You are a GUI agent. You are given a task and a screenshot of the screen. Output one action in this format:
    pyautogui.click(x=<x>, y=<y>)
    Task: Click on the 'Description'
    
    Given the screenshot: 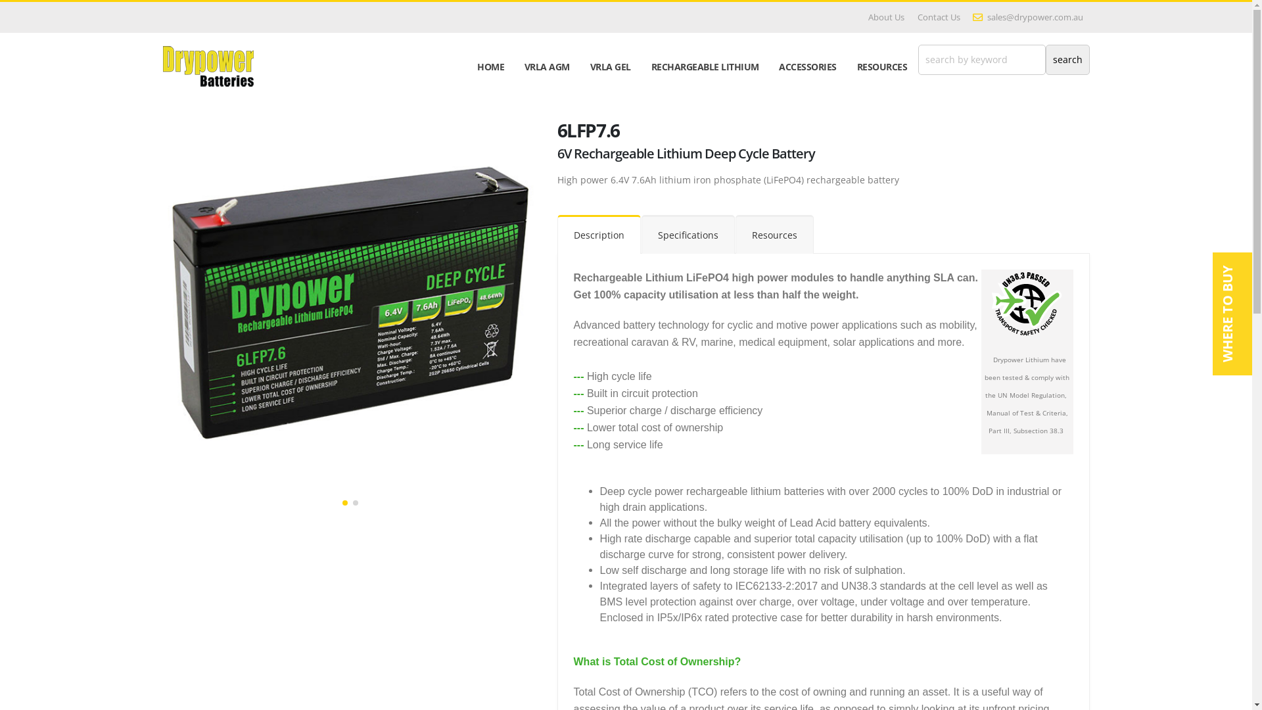 What is the action you would take?
    pyautogui.click(x=598, y=233)
    